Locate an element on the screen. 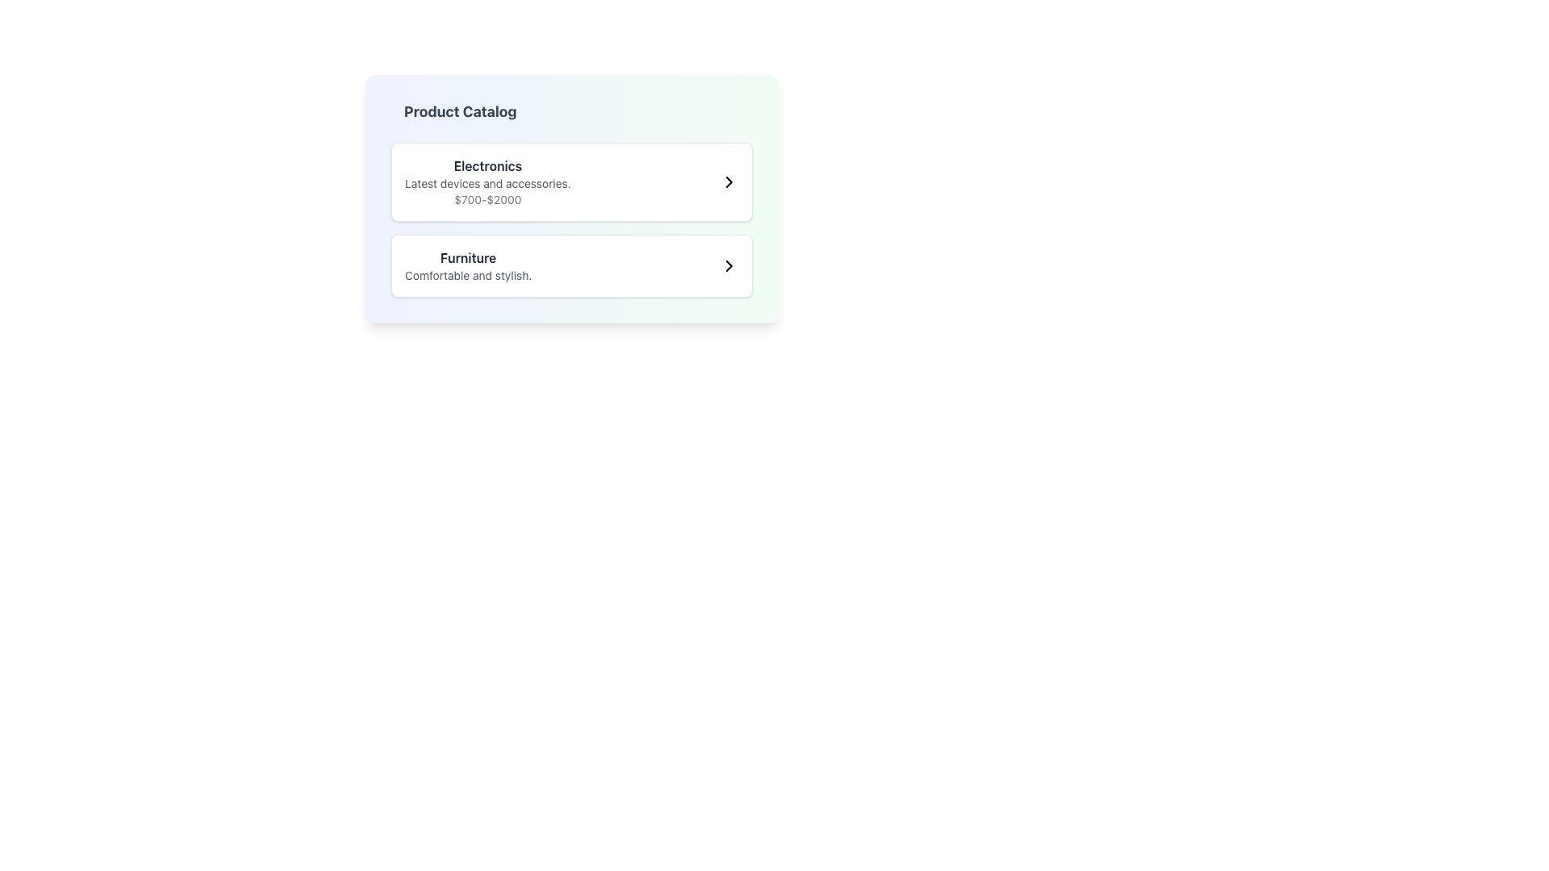 The width and height of the screenshot is (1549, 871). the informational text block titled 'Electronics' that displays a price range of '$700-$2000' at the top of the 'Product Catalog' is located at coordinates (486, 181).